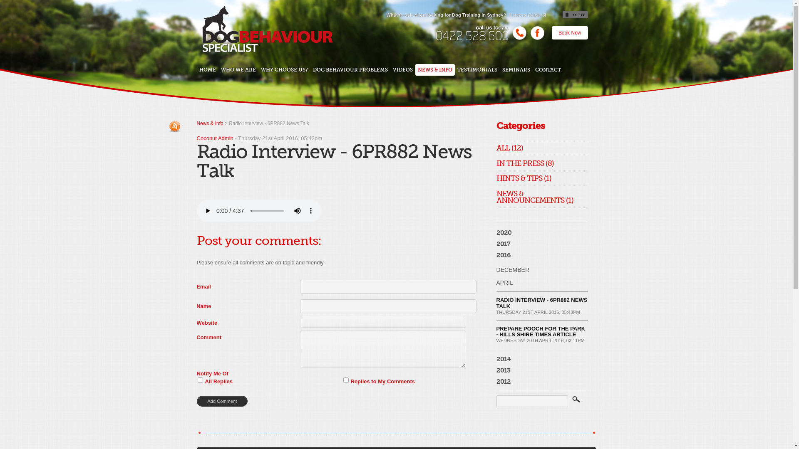  I want to click on 'VIDEOS', so click(403, 69).